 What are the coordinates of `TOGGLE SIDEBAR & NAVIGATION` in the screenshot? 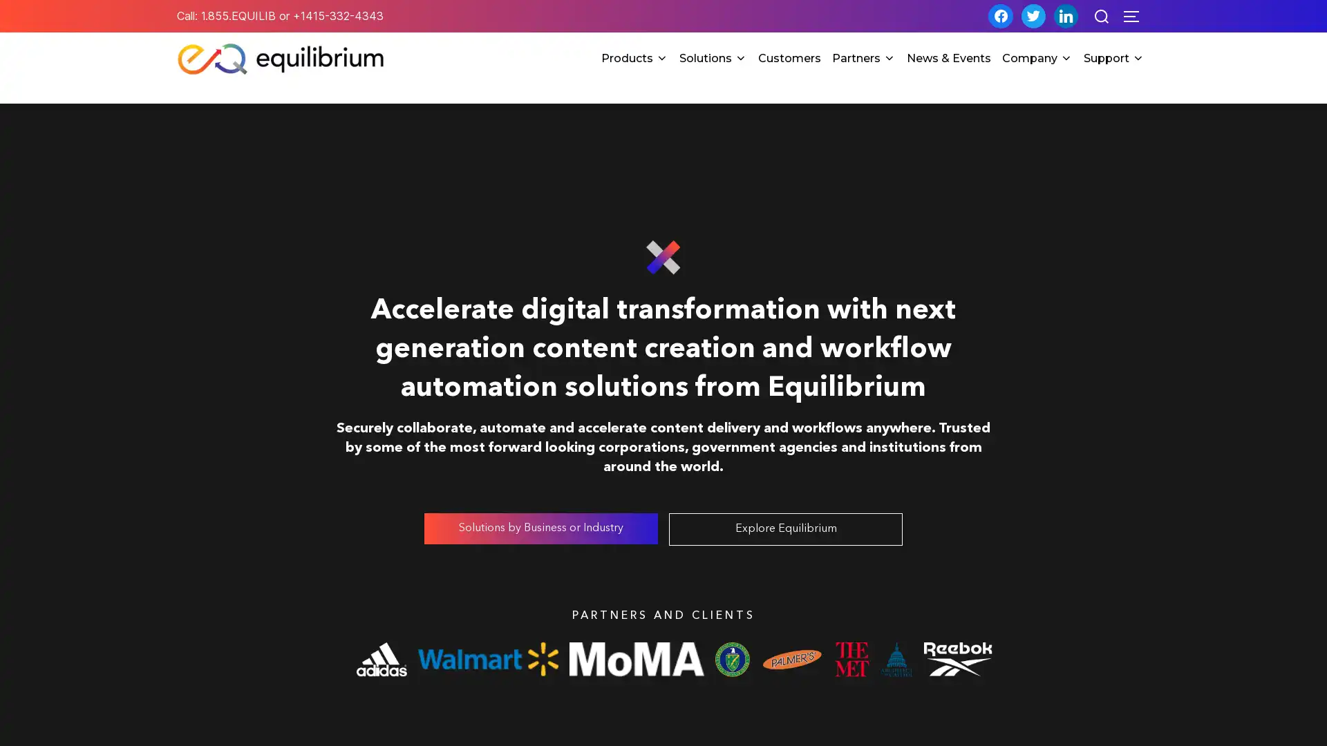 It's located at (1136, 16).